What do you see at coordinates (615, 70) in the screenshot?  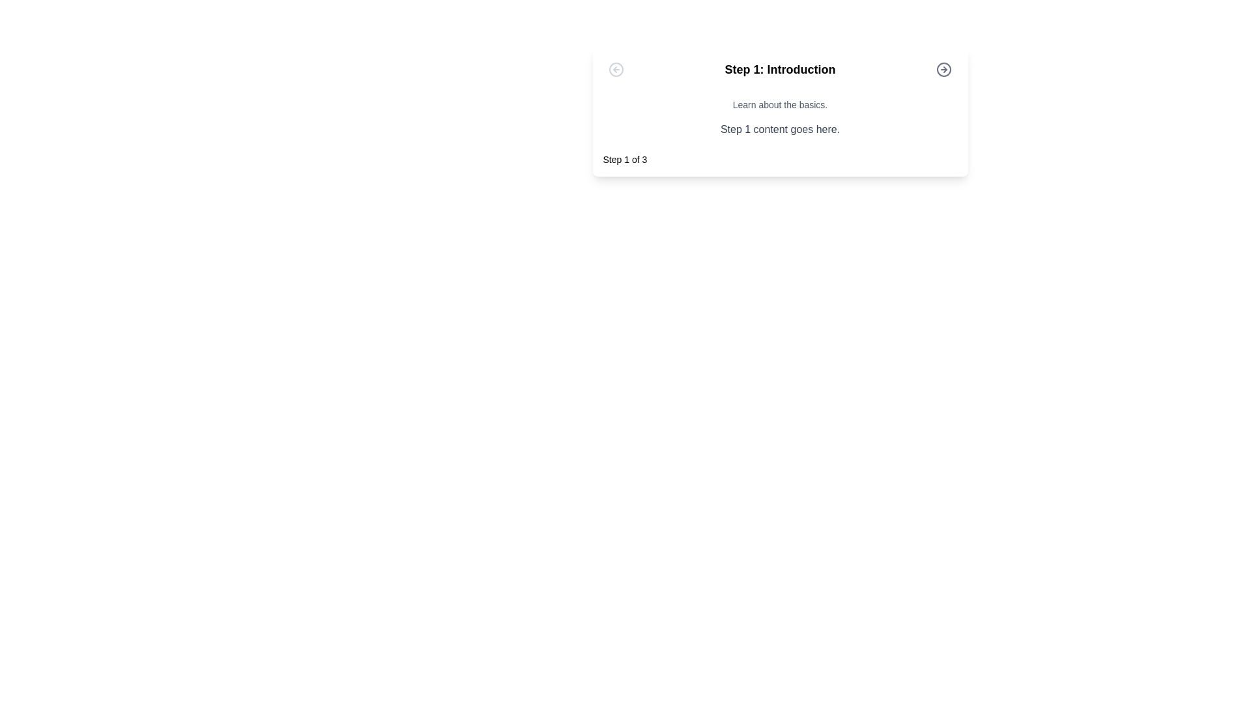 I see `the circular arrow icon pointing left, located at the top-left of the 'Step 1: Introduction' card layout` at bounding box center [615, 70].